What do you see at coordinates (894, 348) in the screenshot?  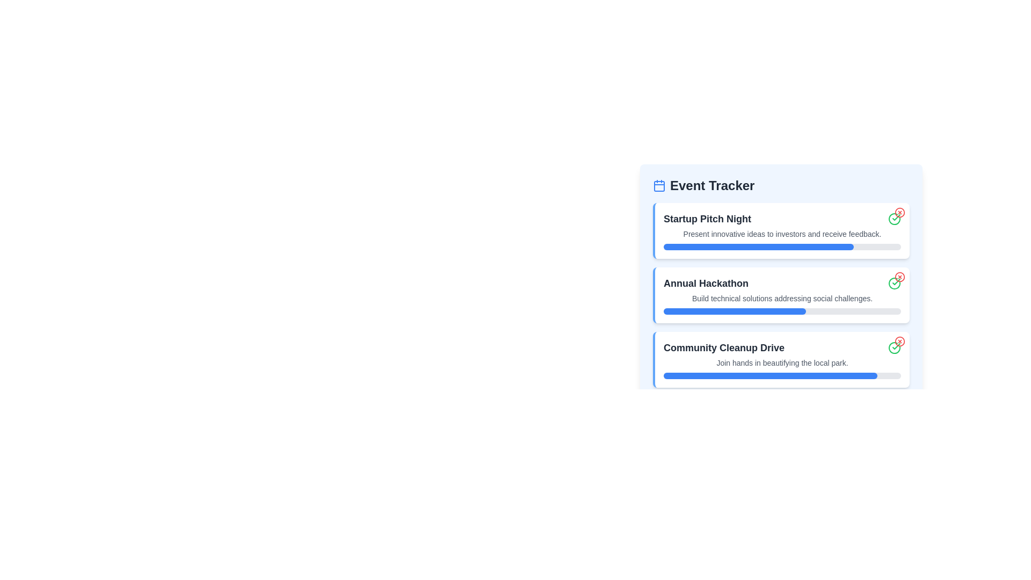 I see `the green circular button with a checkmark icon` at bounding box center [894, 348].